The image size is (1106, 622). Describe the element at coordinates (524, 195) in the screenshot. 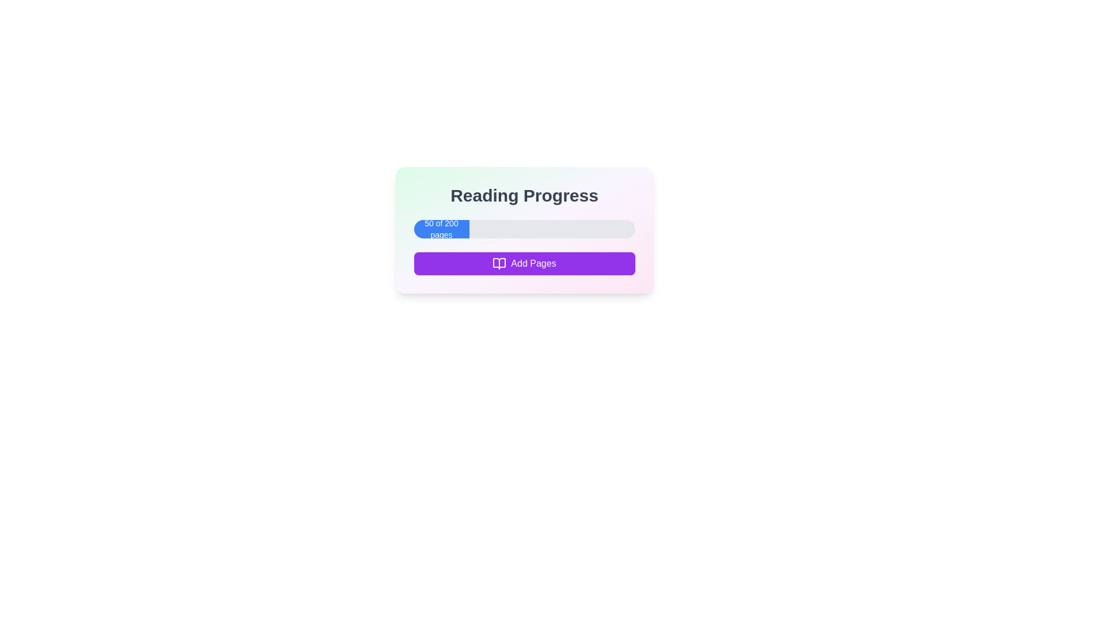

I see `the heading text element that provides context about the associated progress information in the card-like interface` at that location.